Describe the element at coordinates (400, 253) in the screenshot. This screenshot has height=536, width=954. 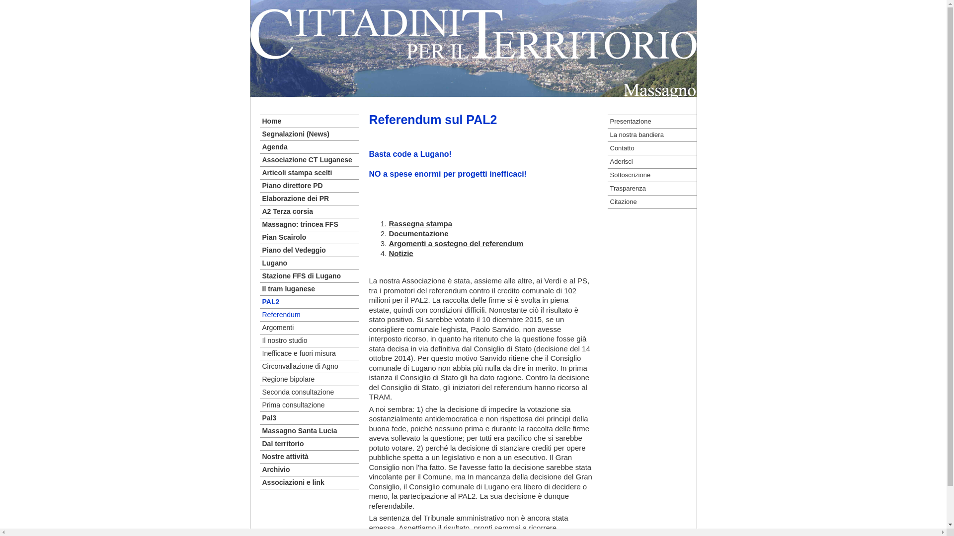
I see `'Notizie'` at that location.